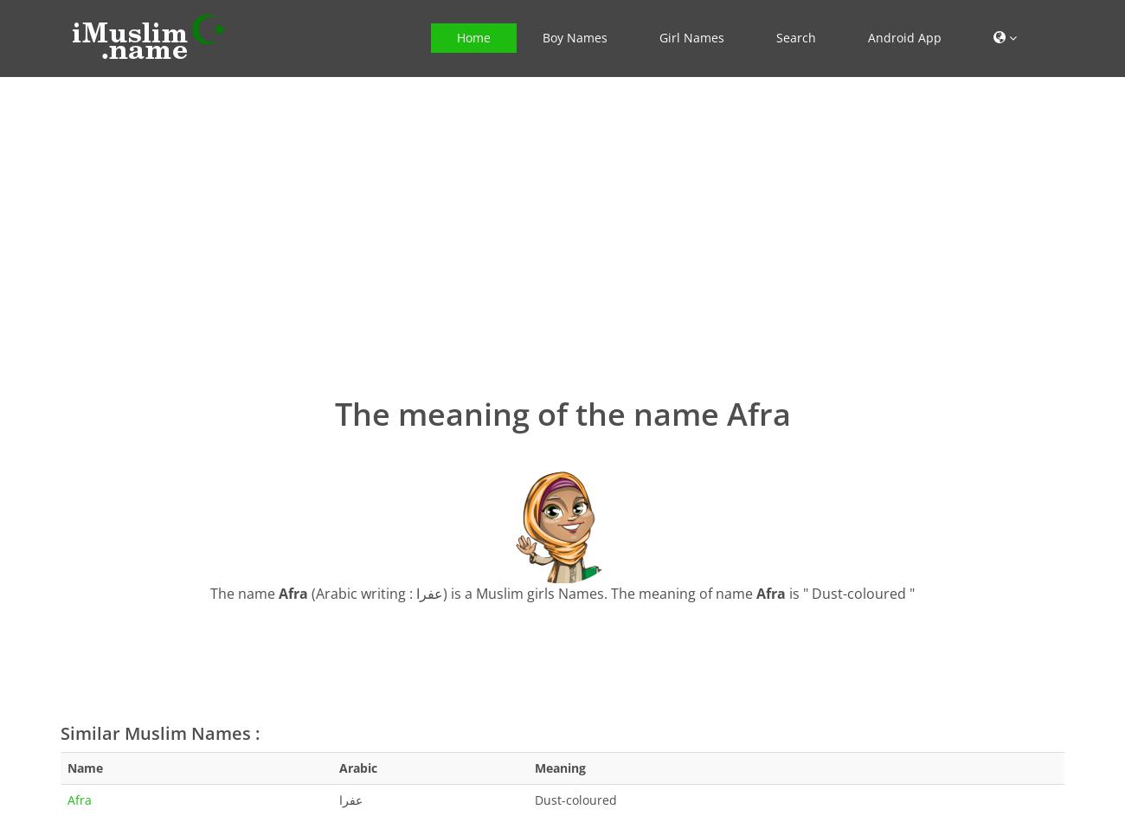 The image size is (1125, 816). I want to click on 'Android App', so click(904, 37).